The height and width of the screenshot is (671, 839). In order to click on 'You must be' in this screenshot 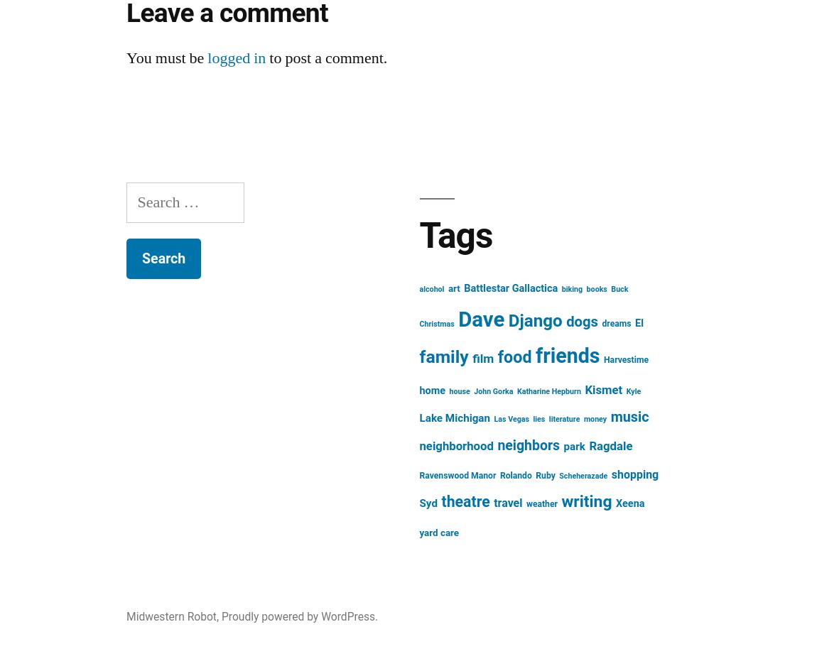, I will do `click(167, 58)`.